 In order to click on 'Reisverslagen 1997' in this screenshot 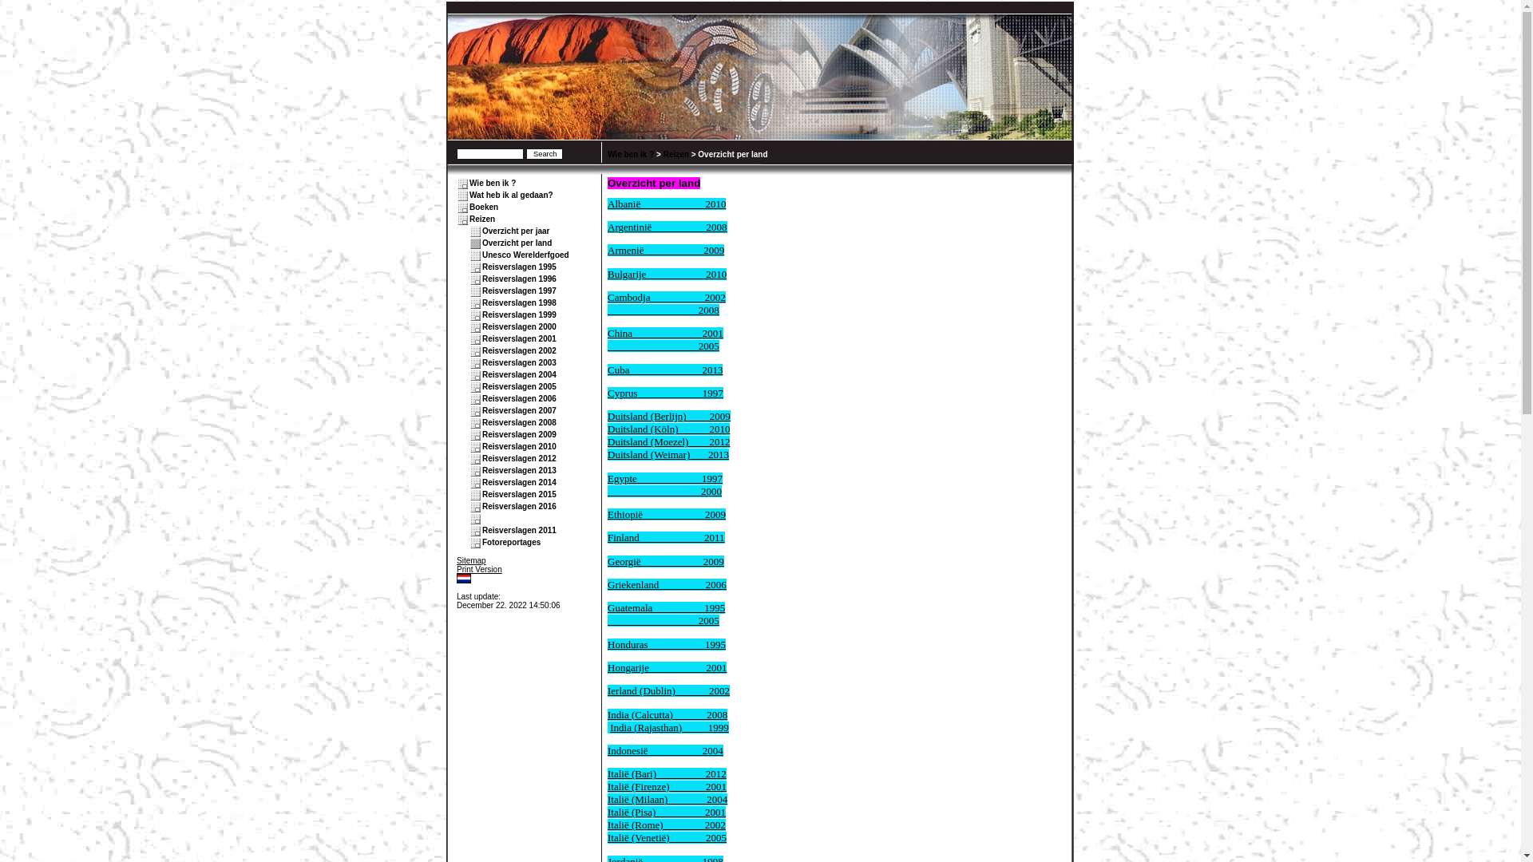, I will do `click(481, 291)`.